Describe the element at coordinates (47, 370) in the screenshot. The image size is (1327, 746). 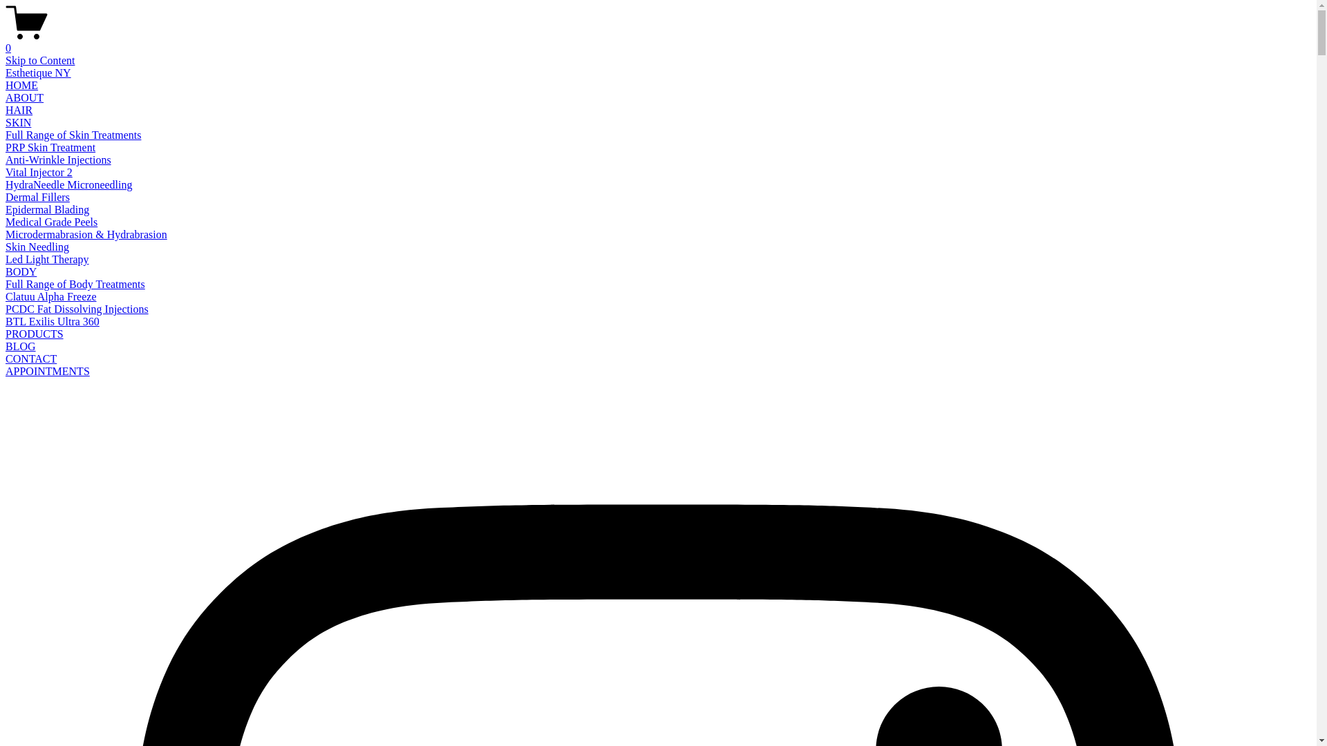
I see `'APPOINTMENTS'` at that location.